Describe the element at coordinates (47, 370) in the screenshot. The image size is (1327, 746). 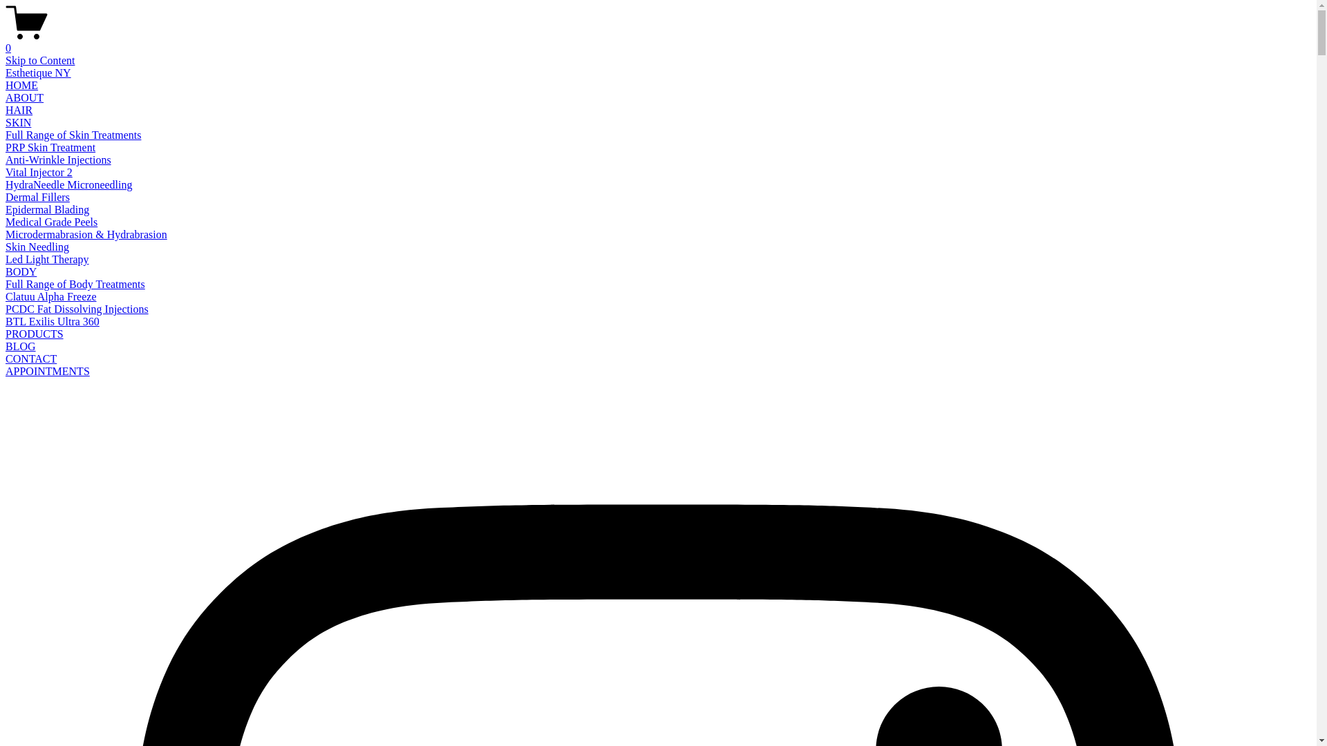
I see `'APPOINTMENTS'` at that location.